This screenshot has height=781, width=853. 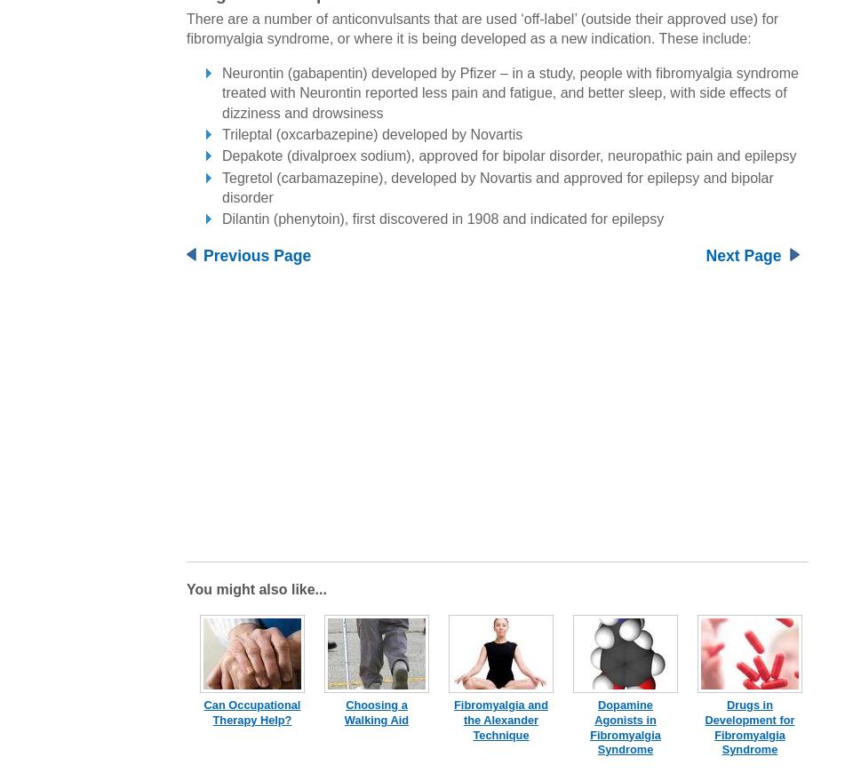 What do you see at coordinates (500, 718) in the screenshot?
I see `'Fibromyalgia and the Alexander Technique'` at bounding box center [500, 718].